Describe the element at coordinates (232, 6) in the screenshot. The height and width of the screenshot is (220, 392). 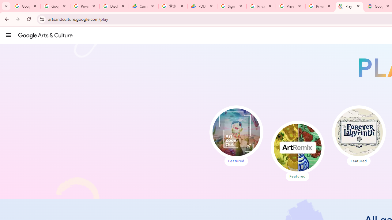
I see `'Sign in - Google Accounts'` at that location.